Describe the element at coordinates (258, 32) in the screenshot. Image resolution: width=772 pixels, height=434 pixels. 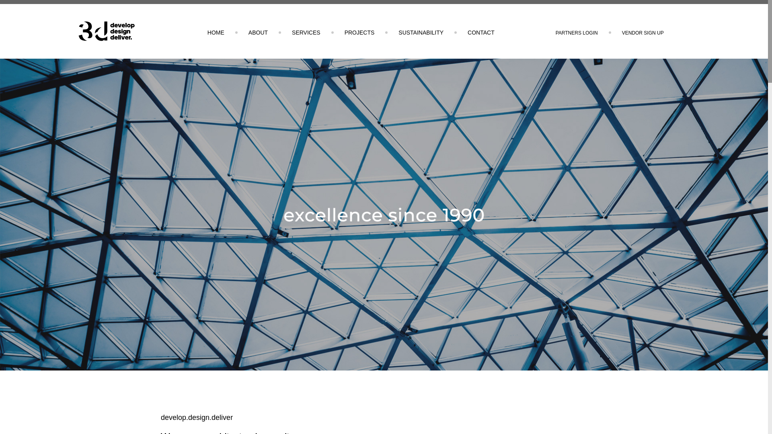
I see `'ABOUT'` at that location.